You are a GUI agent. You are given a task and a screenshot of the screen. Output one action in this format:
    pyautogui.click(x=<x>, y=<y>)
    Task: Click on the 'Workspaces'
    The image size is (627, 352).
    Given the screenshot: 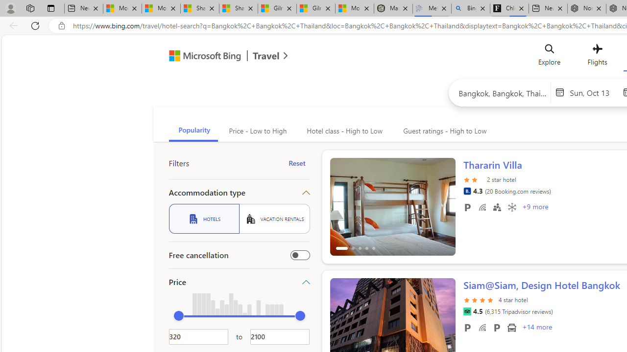 What is the action you would take?
    pyautogui.click(x=30, y=8)
    